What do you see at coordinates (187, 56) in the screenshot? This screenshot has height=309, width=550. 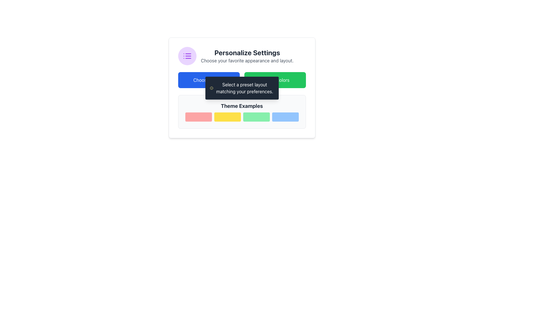 I see `the icon representing a list in the top-left region of the Personalize Settings interface, which is contained within a rounded purple background` at bounding box center [187, 56].